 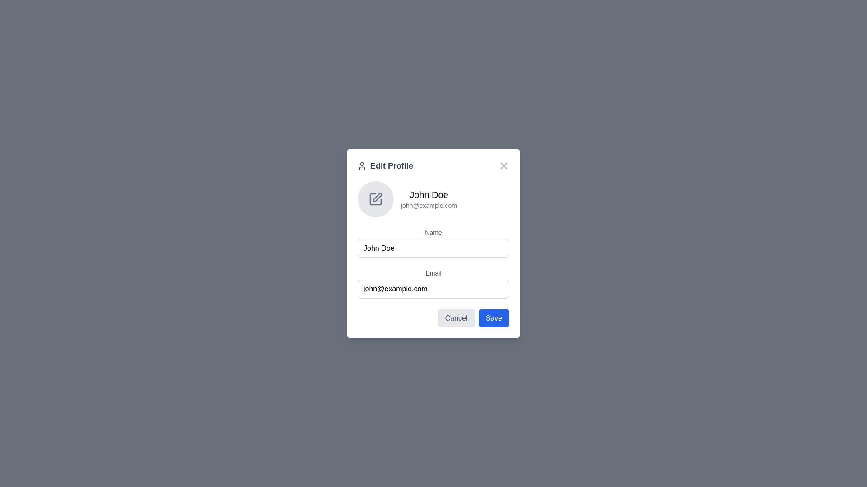 I want to click on the red 'X' button located at the top-right corner of the 'Edit Profile' dialog box, so click(x=503, y=165).